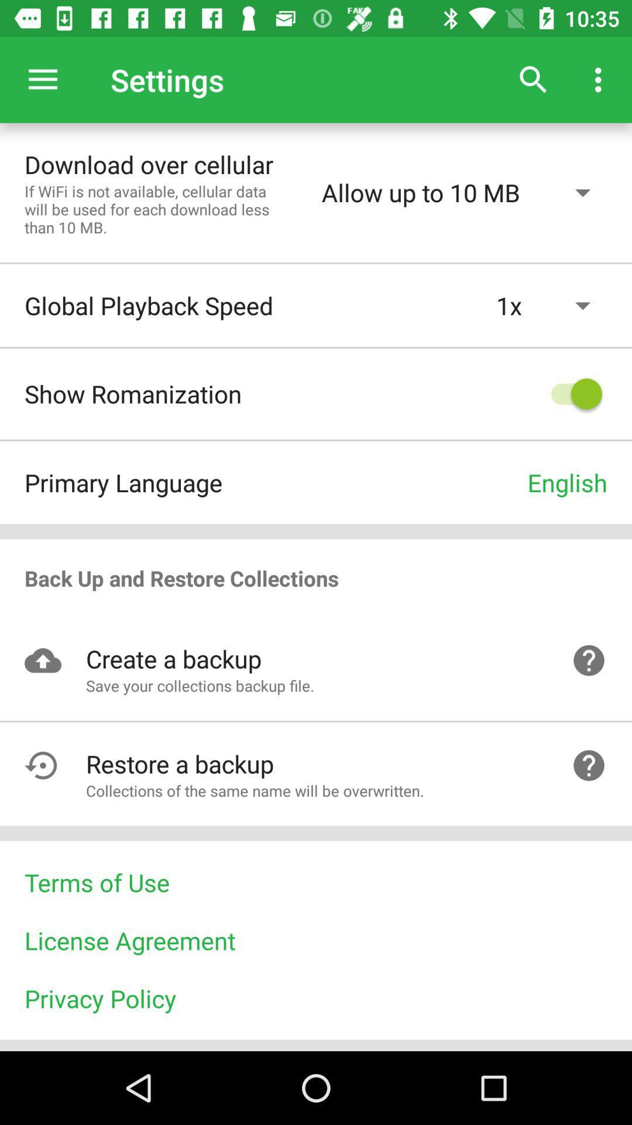 The image size is (632, 1125). Describe the element at coordinates (589, 660) in the screenshot. I see `the help icon` at that location.